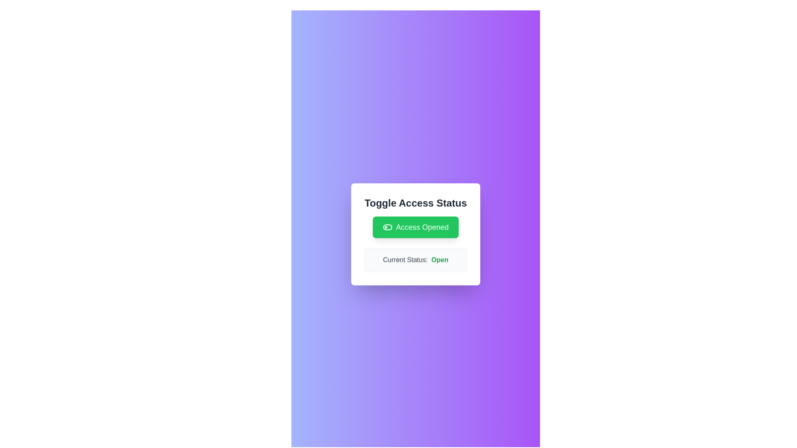  What do you see at coordinates (416, 227) in the screenshot?
I see `the 'Access Opened' button to toggle the access status` at bounding box center [416, 227].